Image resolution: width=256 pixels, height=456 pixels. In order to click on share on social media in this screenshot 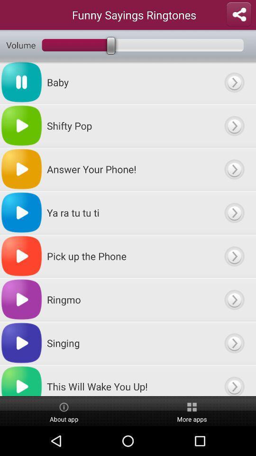, I will do `click(238, 14)`.